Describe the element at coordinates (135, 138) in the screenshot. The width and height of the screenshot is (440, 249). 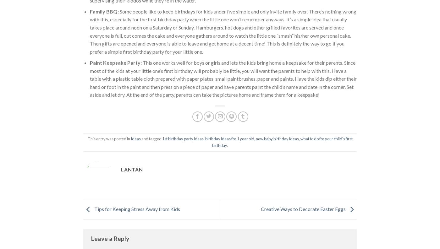
I see `'Ideas'` at that location.